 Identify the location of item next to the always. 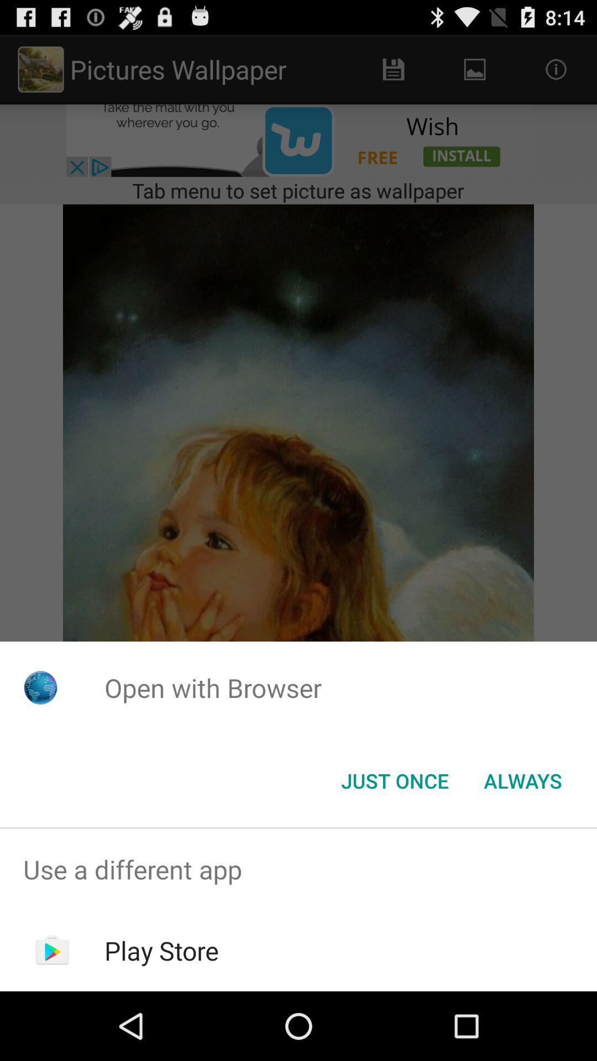
(394, 780).